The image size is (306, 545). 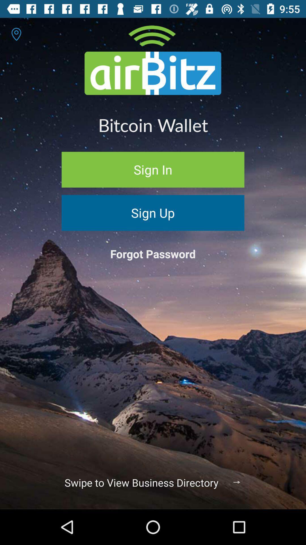 I want to click on icon above the forgot password, so click(x=153, y=212).